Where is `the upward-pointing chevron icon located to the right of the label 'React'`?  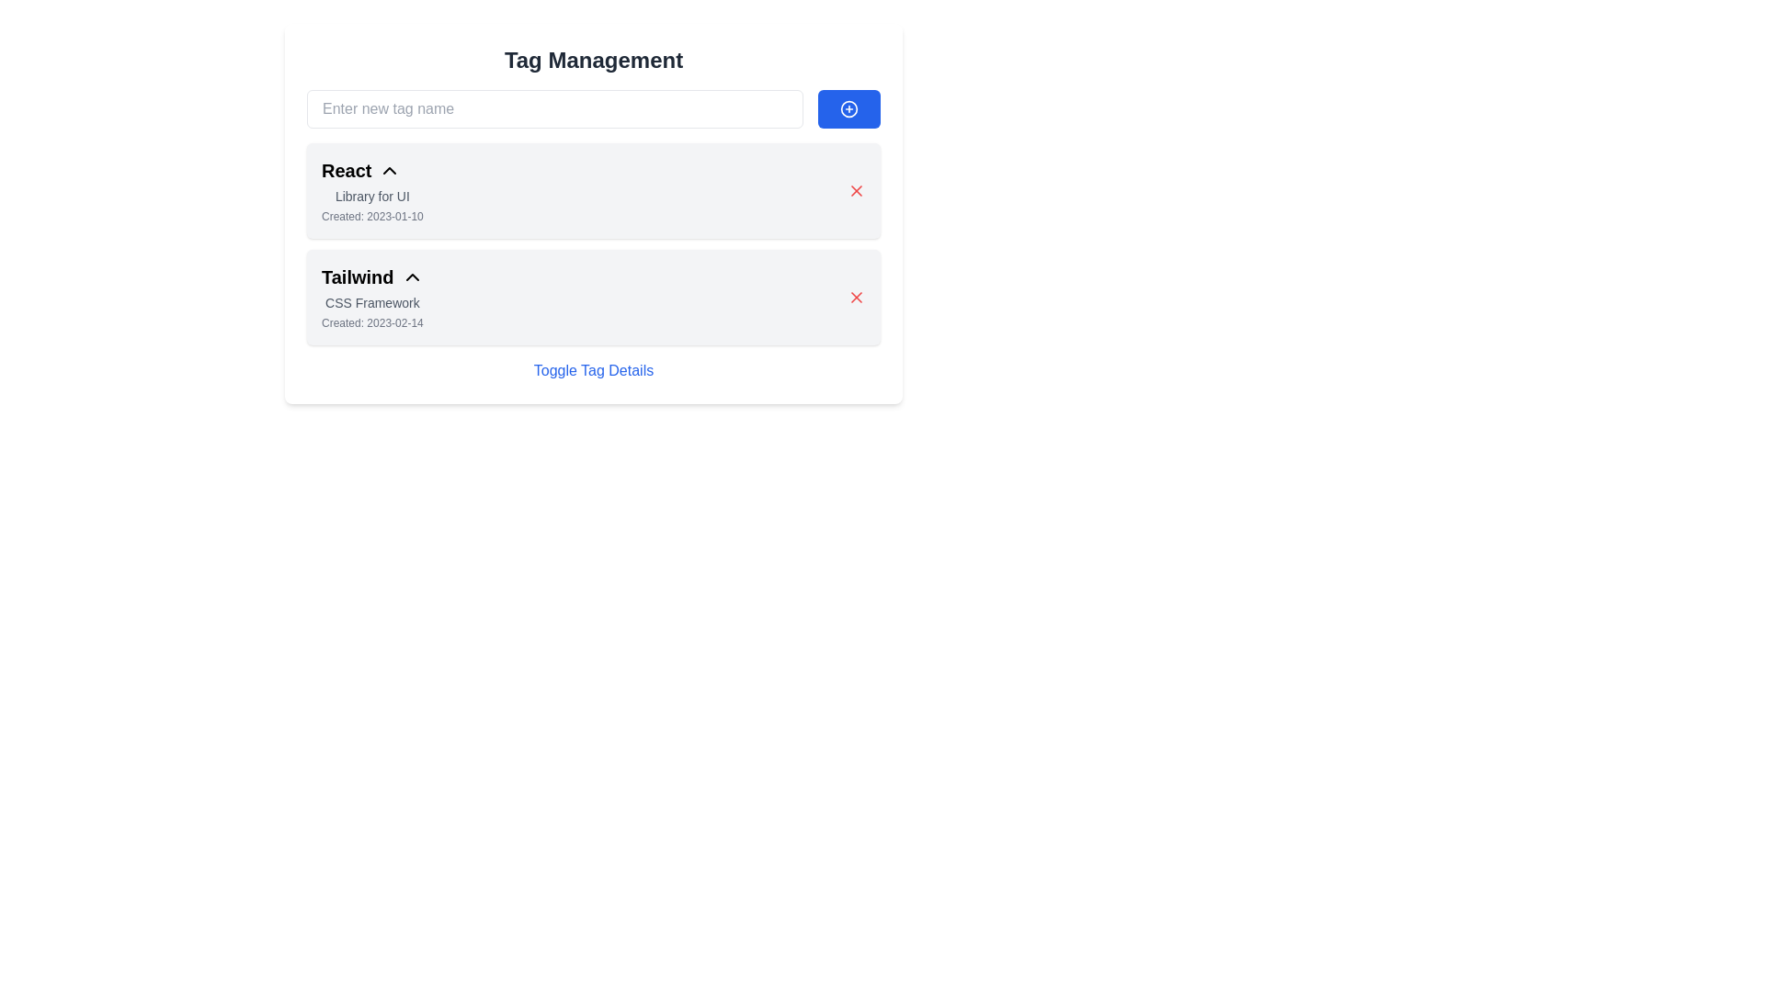
the upward-pointing chevron icon located to the right of the label 'React' is located at coordinates (389, 170).